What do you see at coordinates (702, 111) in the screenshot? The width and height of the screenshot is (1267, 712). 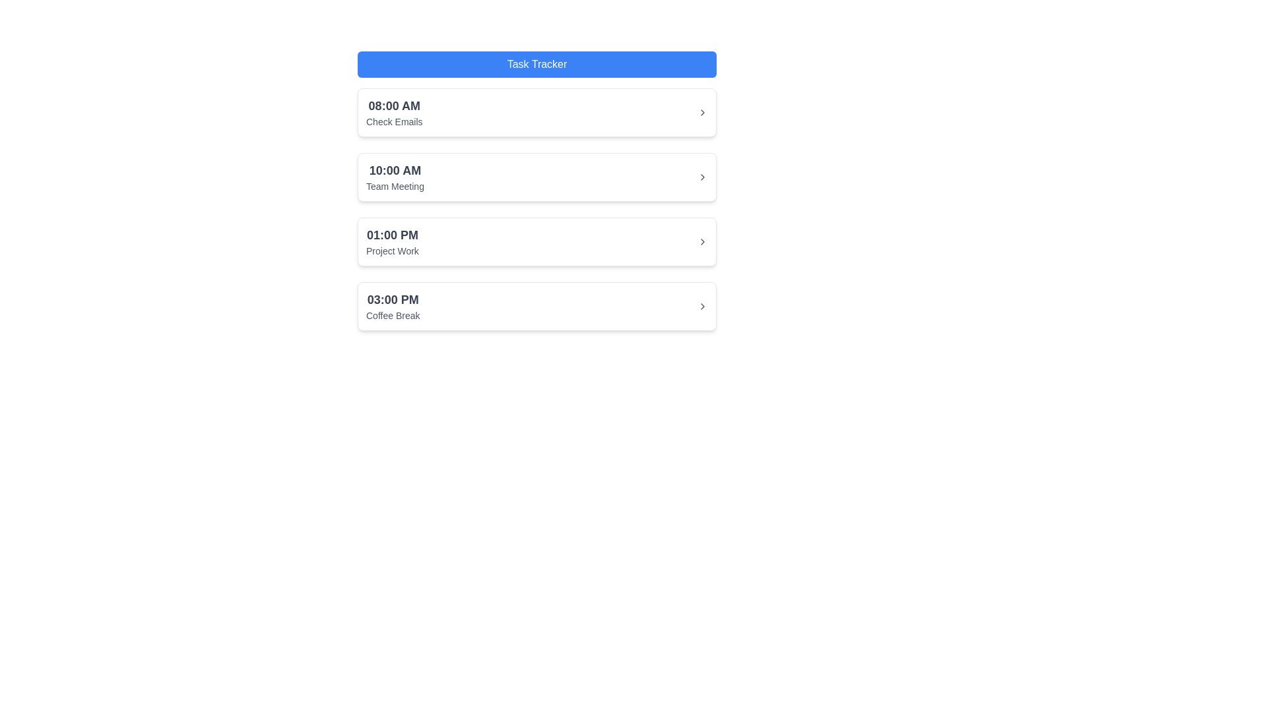 I see `the chevron icon at the far right end of the task entry labeled '08:00 AM Check Emails'` at bounding box center [702, 111].